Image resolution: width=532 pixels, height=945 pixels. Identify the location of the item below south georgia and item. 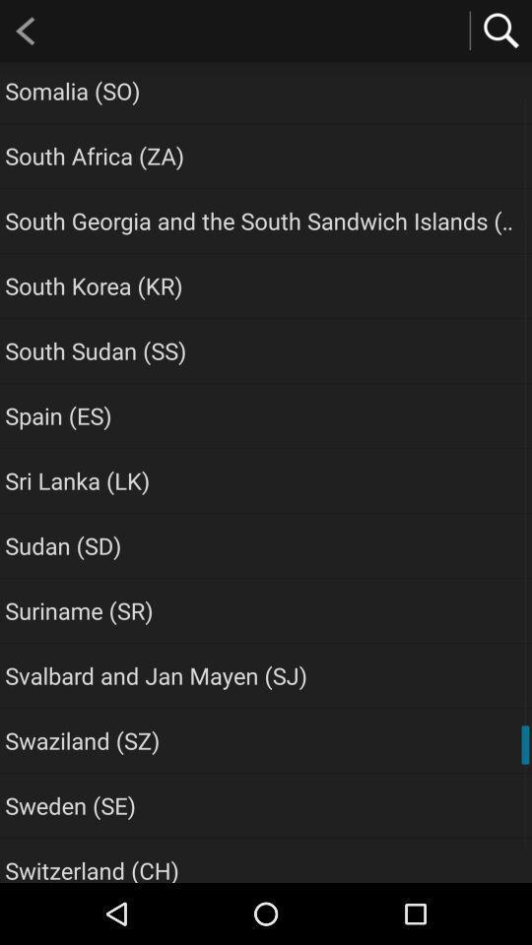
(93, 284).